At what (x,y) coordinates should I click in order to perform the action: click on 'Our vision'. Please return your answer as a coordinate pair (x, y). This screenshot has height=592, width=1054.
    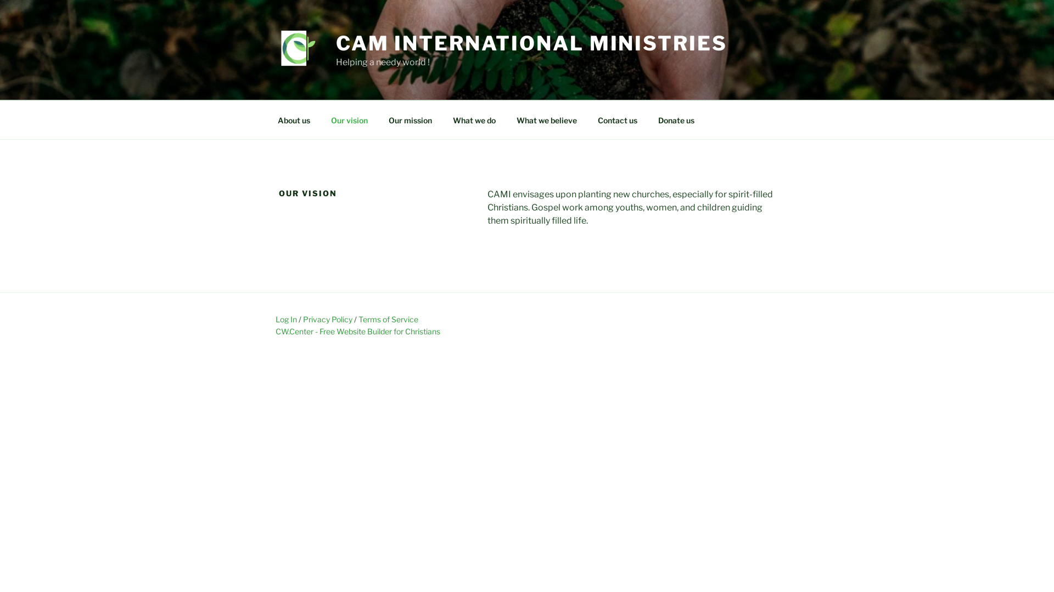
    Looking at the image, I should click on (348, 119).